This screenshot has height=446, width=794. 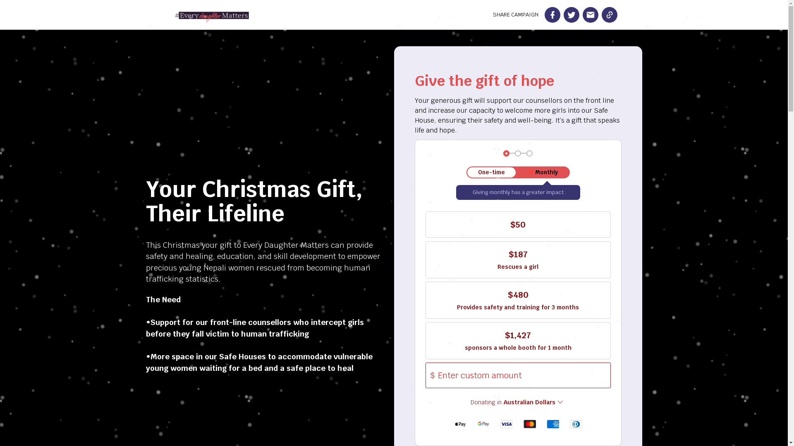 What do you see at coordinates (425, 259) in the screenshot?
I see `'$187` at bounding box center [425, 259].